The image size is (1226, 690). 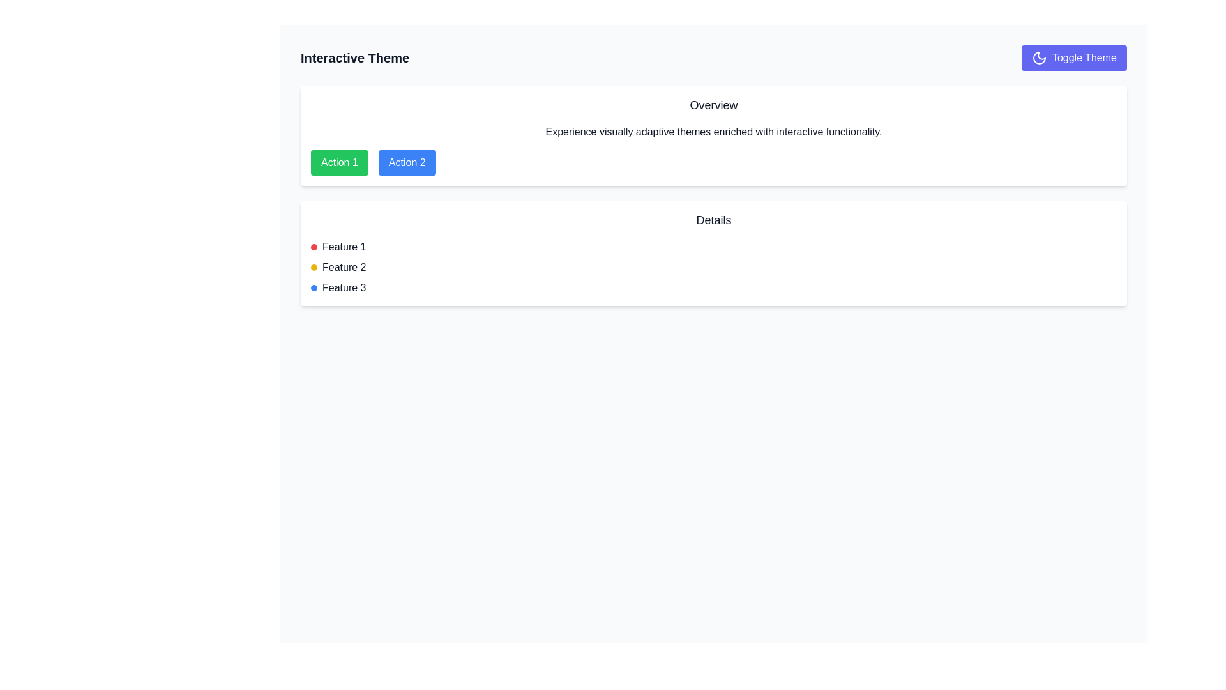 What do you see at coordinates (314, 288) in the screenshot?
I see `the decorative dot indicating the presence of 'Feature 3' located to the left of the text in the 'Details' section` at bounding box center [314, 288].